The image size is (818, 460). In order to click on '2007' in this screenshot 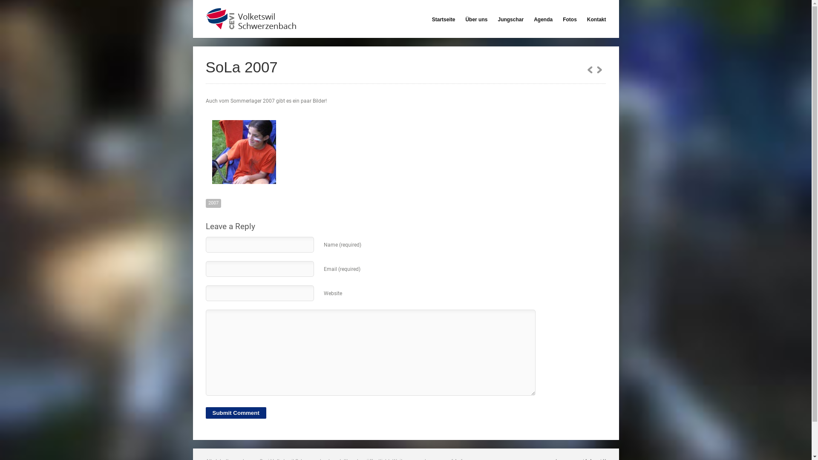, I will do `click(213, 203)`.